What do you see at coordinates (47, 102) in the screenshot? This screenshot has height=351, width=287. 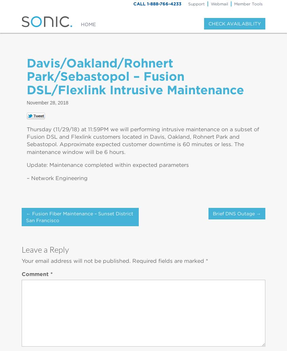 I see `'November 28, 2018'` at bounding box center [47, 102].